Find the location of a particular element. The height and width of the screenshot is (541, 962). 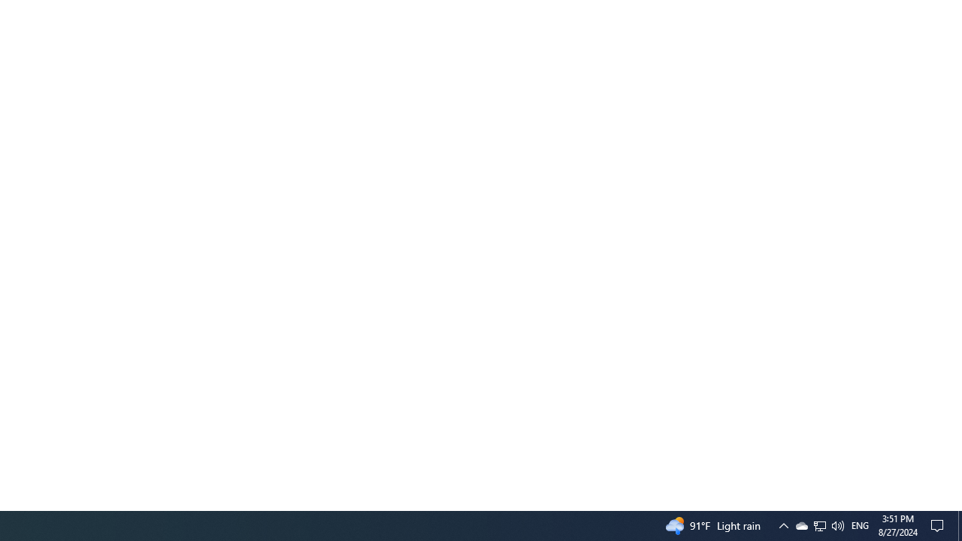

'User Promoted Notification Area' is located at coordinates (818, 524).